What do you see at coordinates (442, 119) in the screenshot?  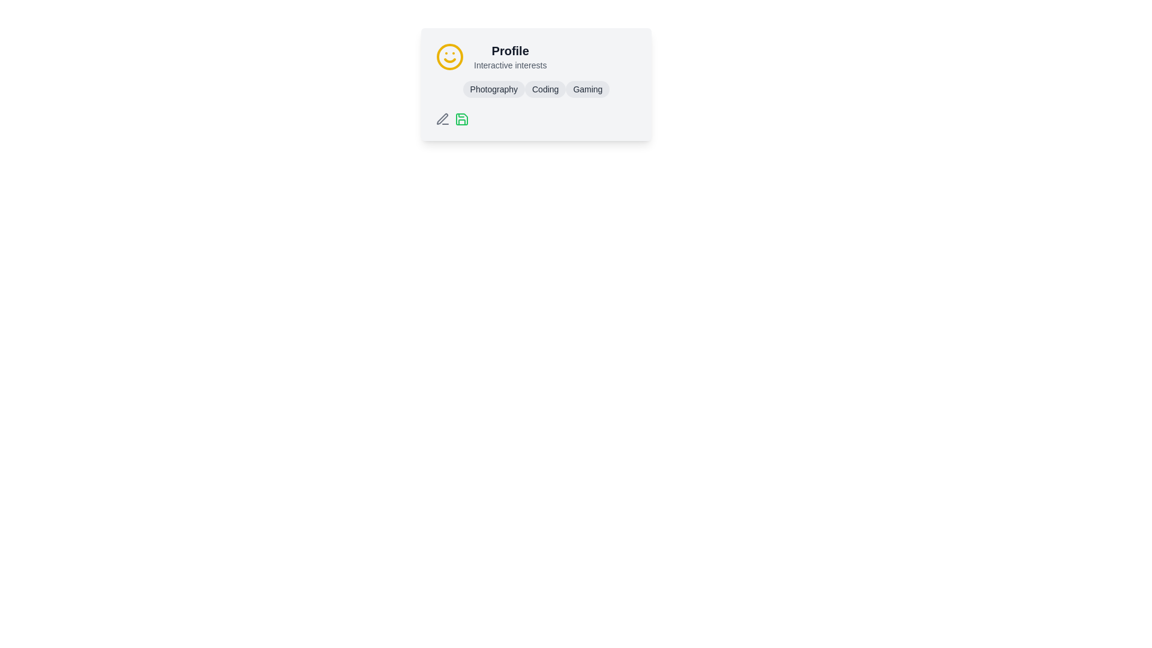 I see `the graphical icon representing a pen or edit functionality located in the bottom-left section of the profile card, under the list of interactive interests` at bounding box center [442, 119].